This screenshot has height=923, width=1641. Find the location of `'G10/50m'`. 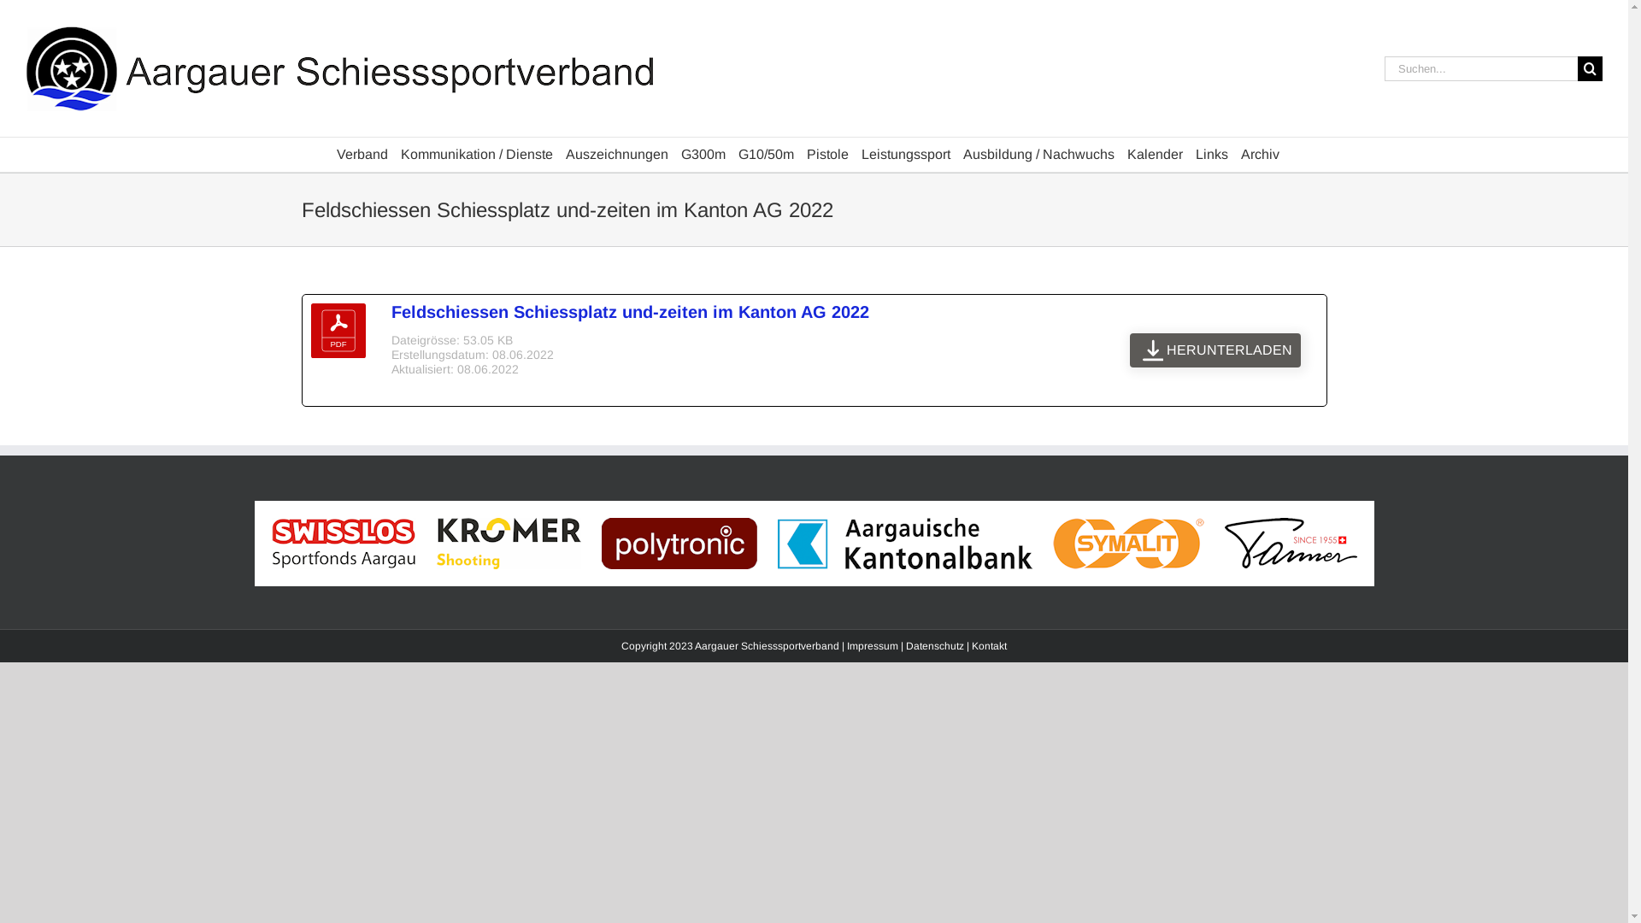

'G10/50m' is located at coordinates (765, 155).